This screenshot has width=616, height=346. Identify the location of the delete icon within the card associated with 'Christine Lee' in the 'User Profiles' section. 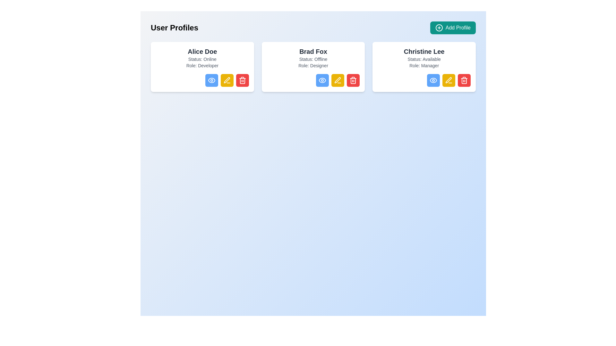
(464, 80).